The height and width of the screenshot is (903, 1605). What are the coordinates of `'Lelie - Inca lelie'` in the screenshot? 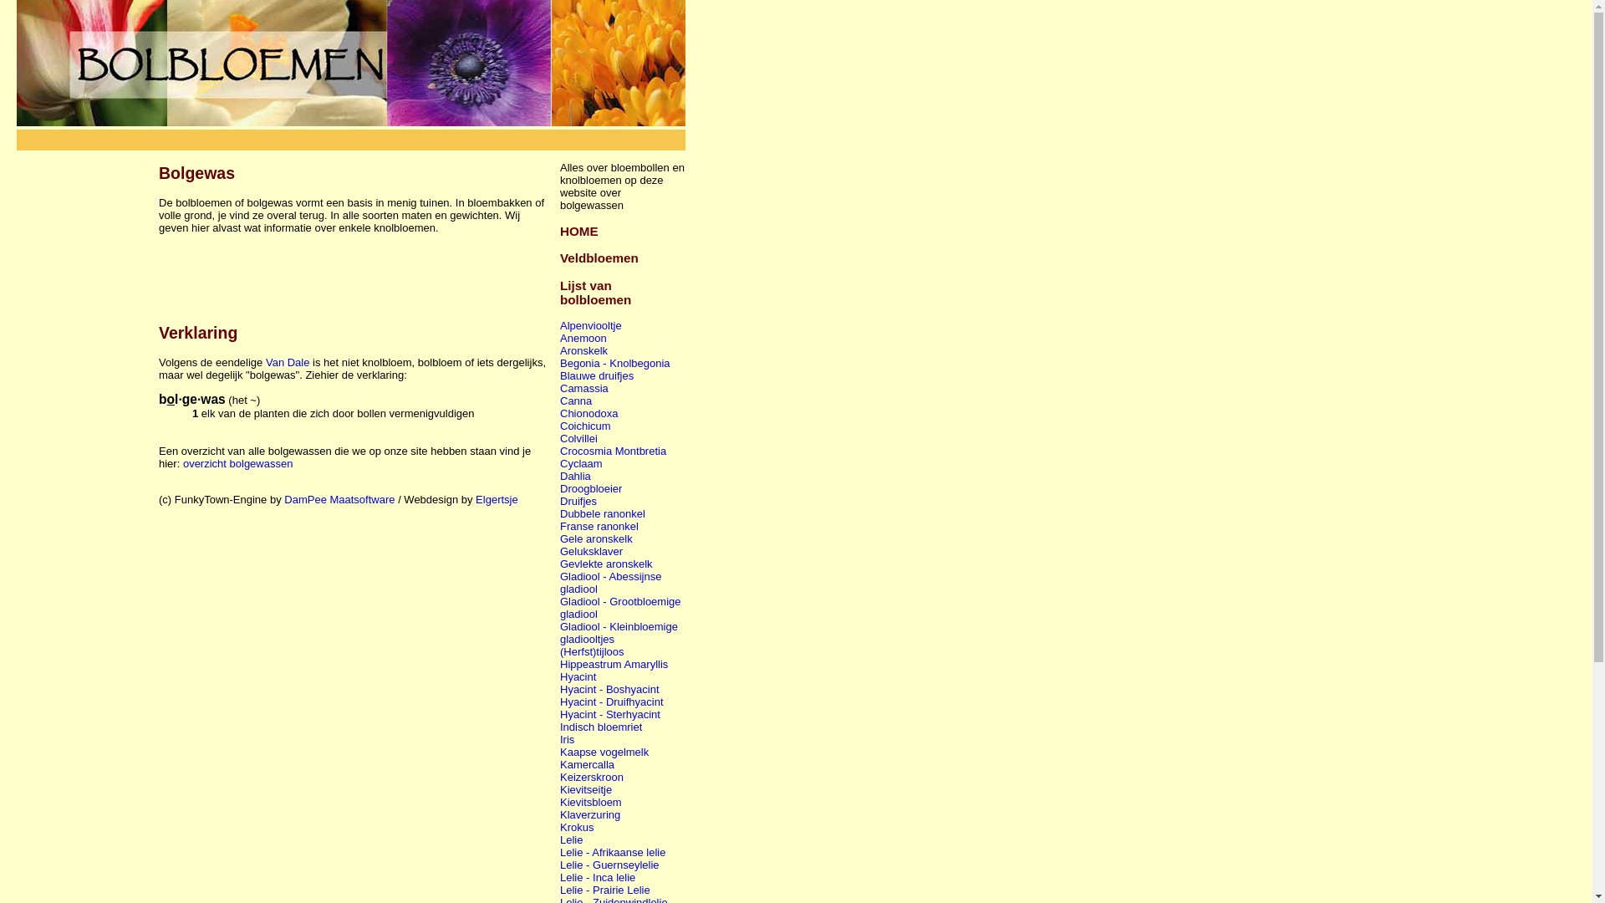 It's located at (598, 876).